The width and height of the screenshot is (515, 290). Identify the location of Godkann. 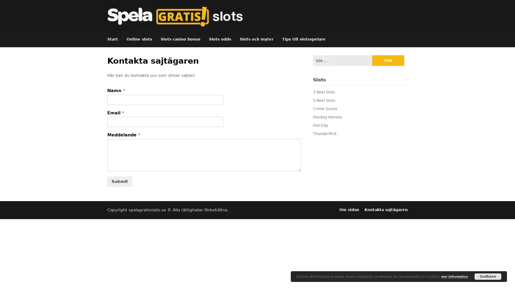
(488, 276).